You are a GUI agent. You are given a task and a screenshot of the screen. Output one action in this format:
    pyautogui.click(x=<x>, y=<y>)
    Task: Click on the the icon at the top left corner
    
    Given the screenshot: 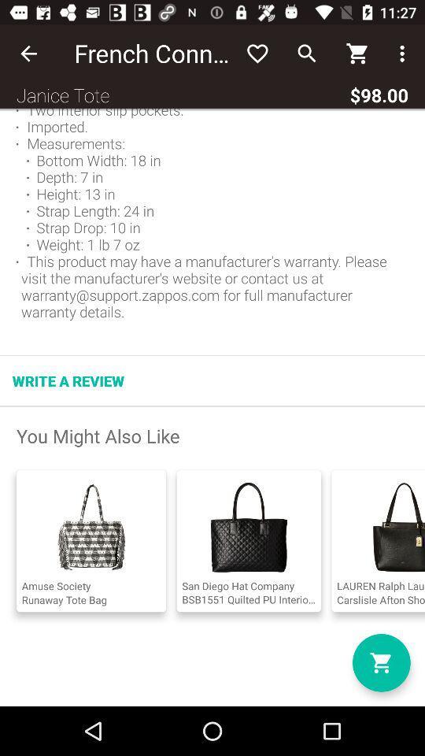 What is the action you would take?
    pyautogui.click(x=28, y=54)
    